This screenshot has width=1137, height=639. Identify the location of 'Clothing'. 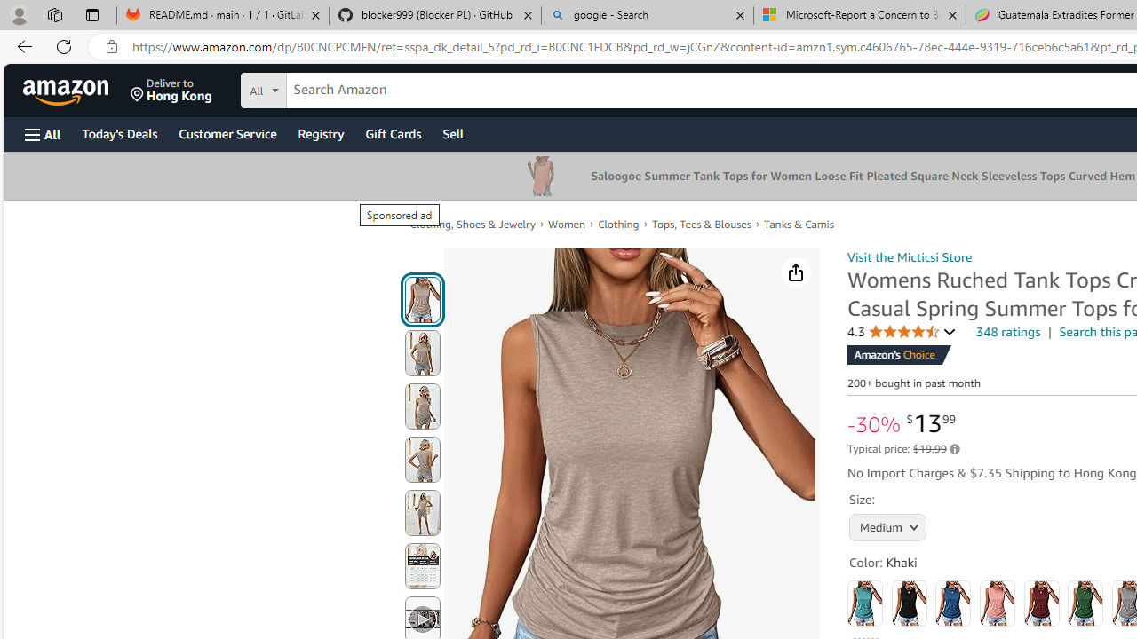
(618, 223).